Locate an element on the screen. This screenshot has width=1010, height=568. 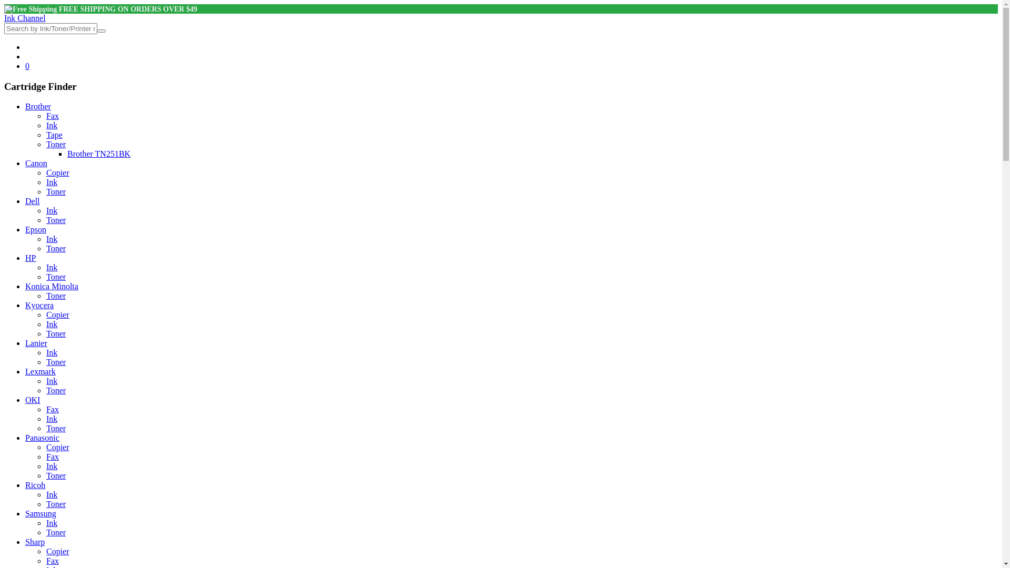
'Fax' is located at coordinates (52, 409).